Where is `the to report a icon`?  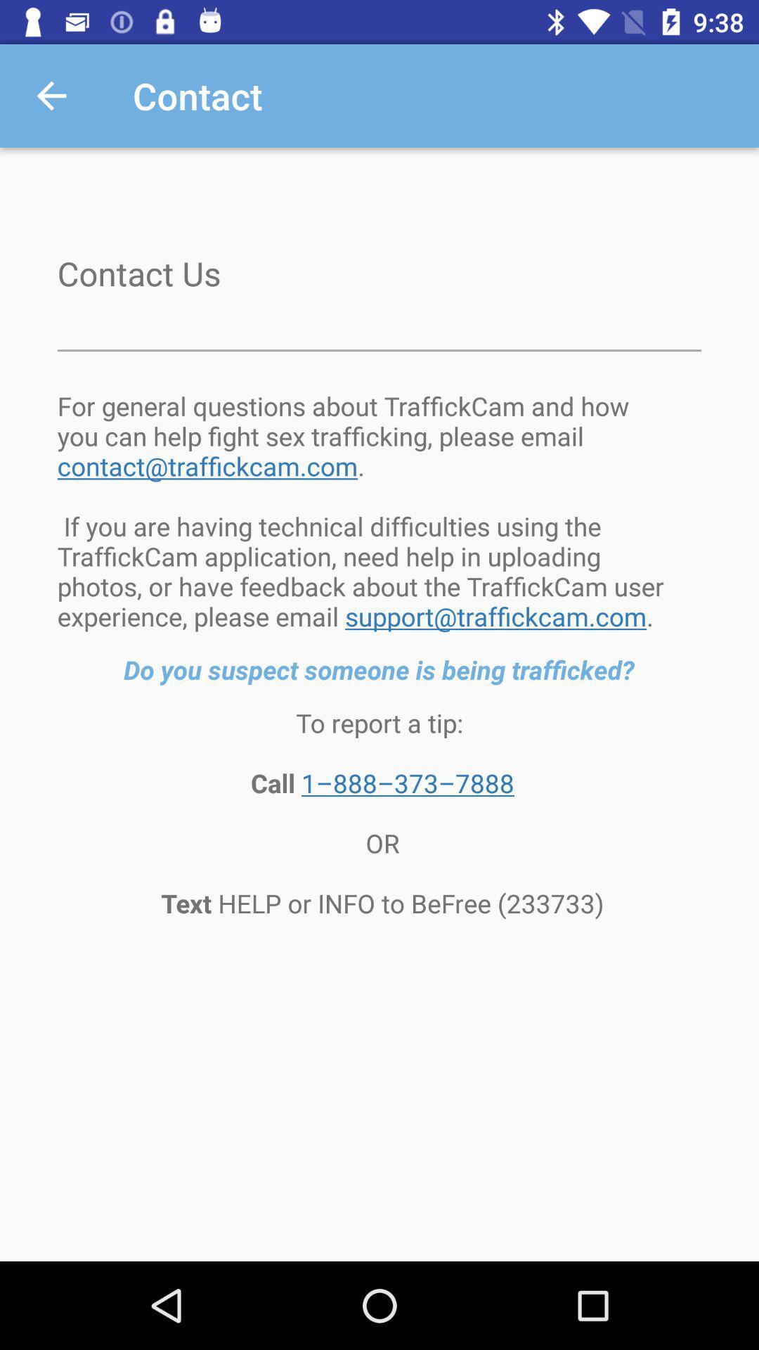 the to report a icon is located at coordinates (379, 813).